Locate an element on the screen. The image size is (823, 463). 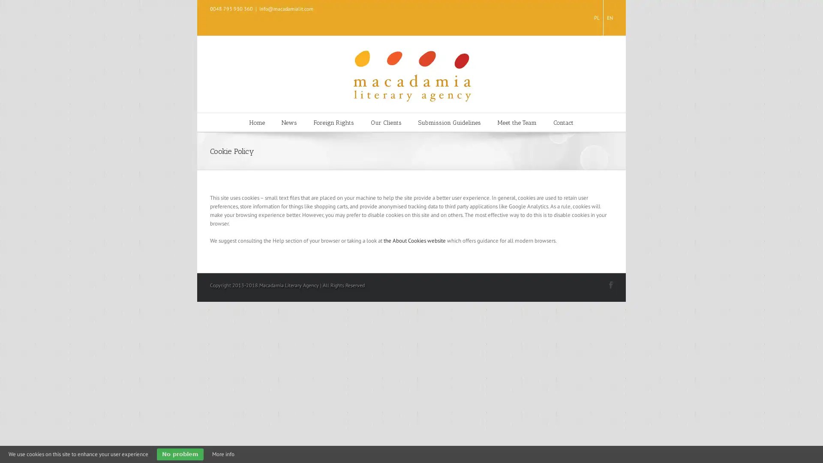
No problem is located at coordinates (180, 454).